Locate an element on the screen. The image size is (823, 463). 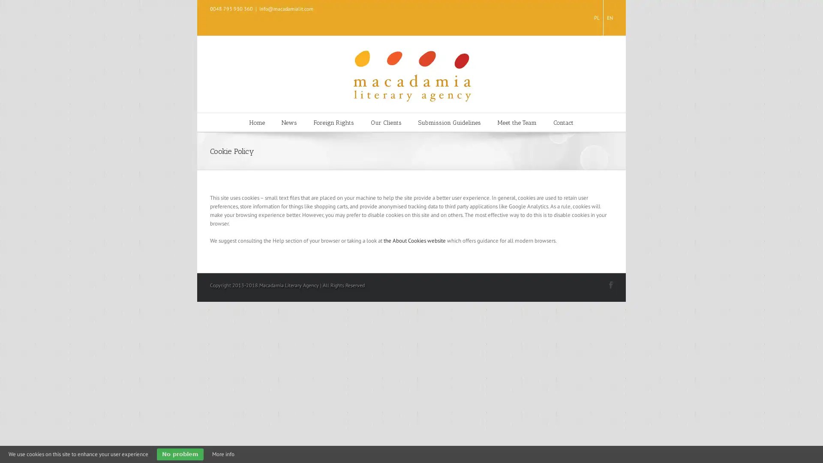
No problem is located at coordinates (180, 454).